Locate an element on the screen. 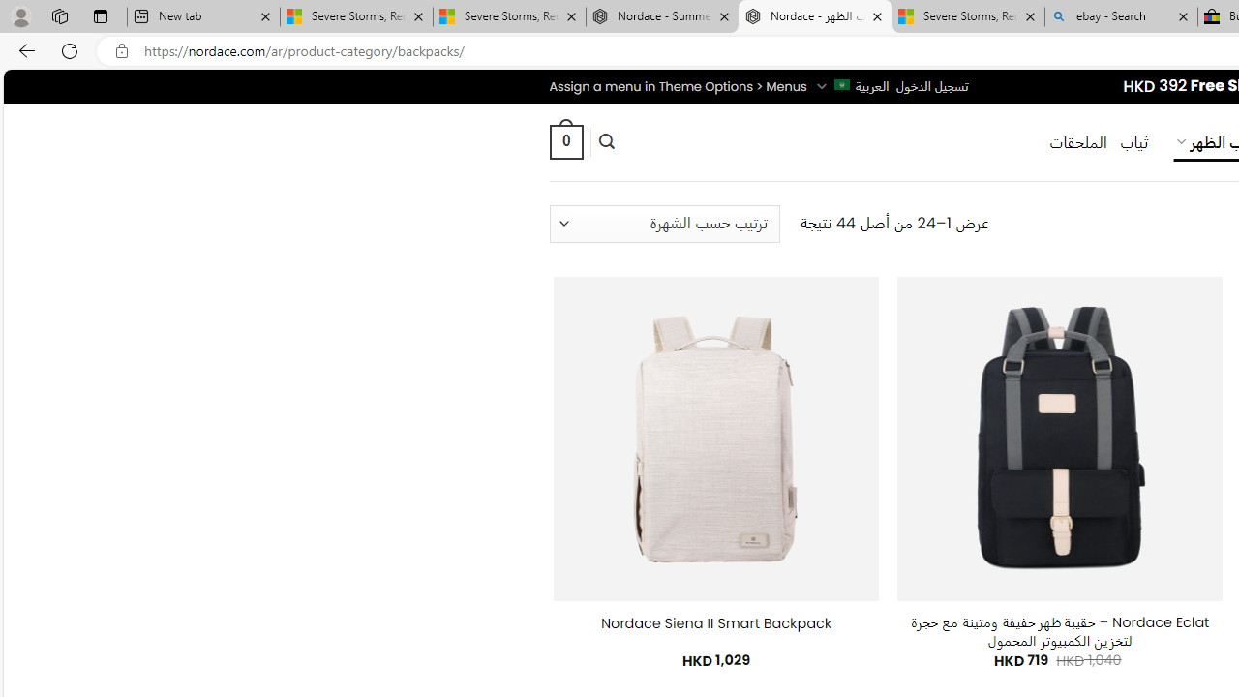 This screenshot has width=1239, height=697. '  0  ' is located at coordinates (564, 140).